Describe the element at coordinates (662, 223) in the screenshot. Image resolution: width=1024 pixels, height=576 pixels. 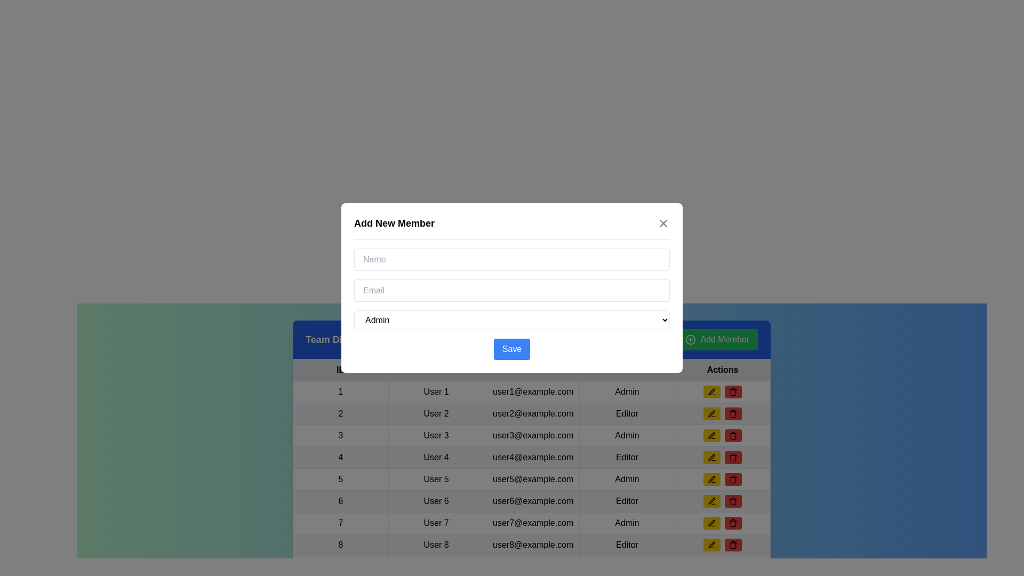
I see `the Close button located at the top-right corner of the 'Add New Member' modal dialog, which is represented by an SVG graphic resembling a diagonal cross` at that location.